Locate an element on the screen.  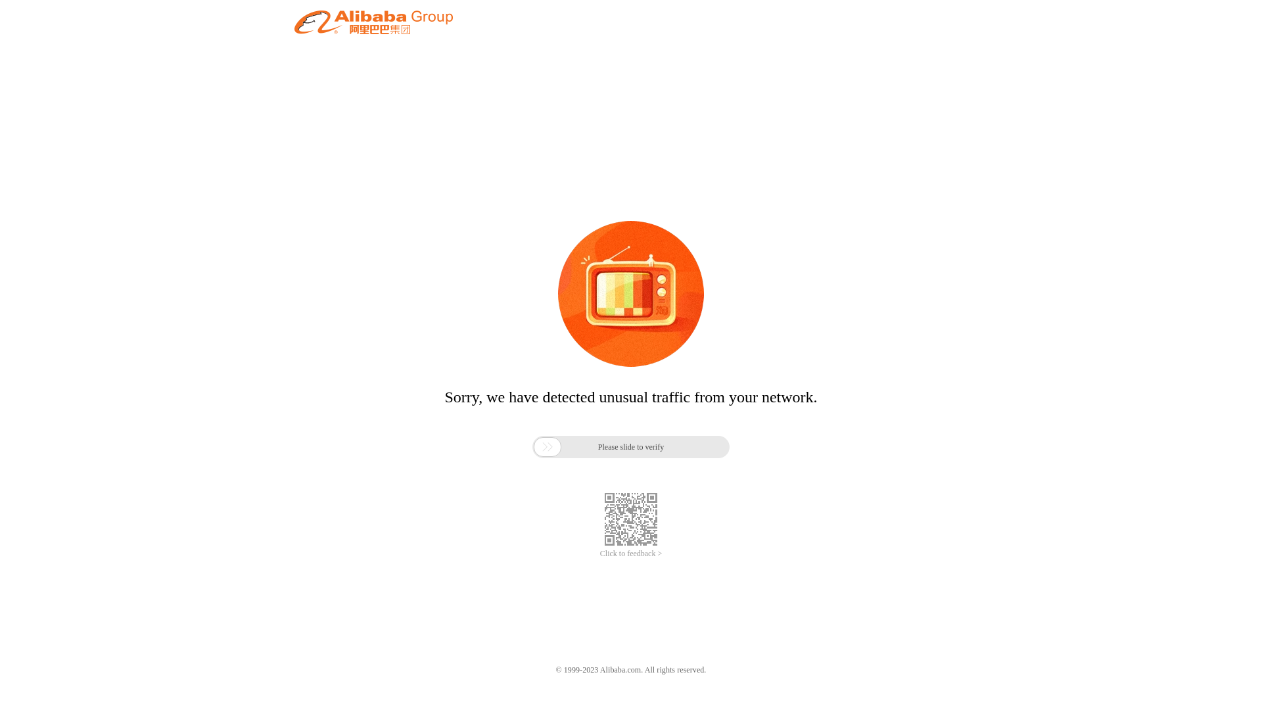
'Click to feedback >' is located at coordinates (631, 554).